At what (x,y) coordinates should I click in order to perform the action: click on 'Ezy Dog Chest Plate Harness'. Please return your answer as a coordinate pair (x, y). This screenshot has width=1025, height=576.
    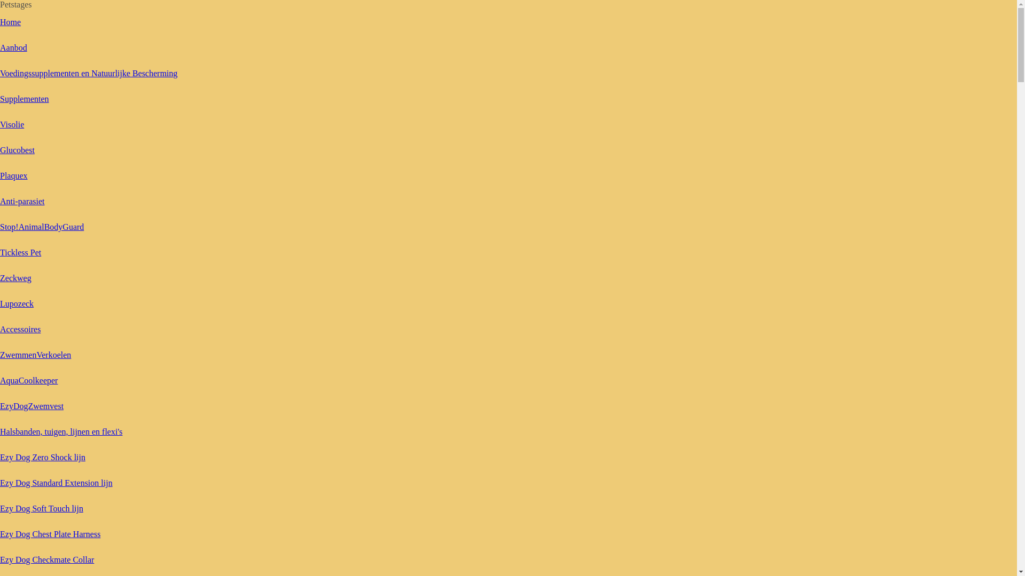
    Looking at the image, I should click on (0, 534).